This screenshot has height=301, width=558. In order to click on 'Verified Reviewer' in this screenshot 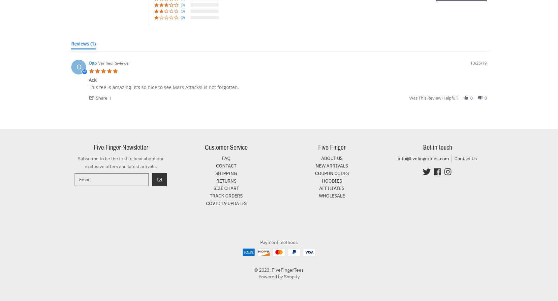, I will do `click(114, 63)`.